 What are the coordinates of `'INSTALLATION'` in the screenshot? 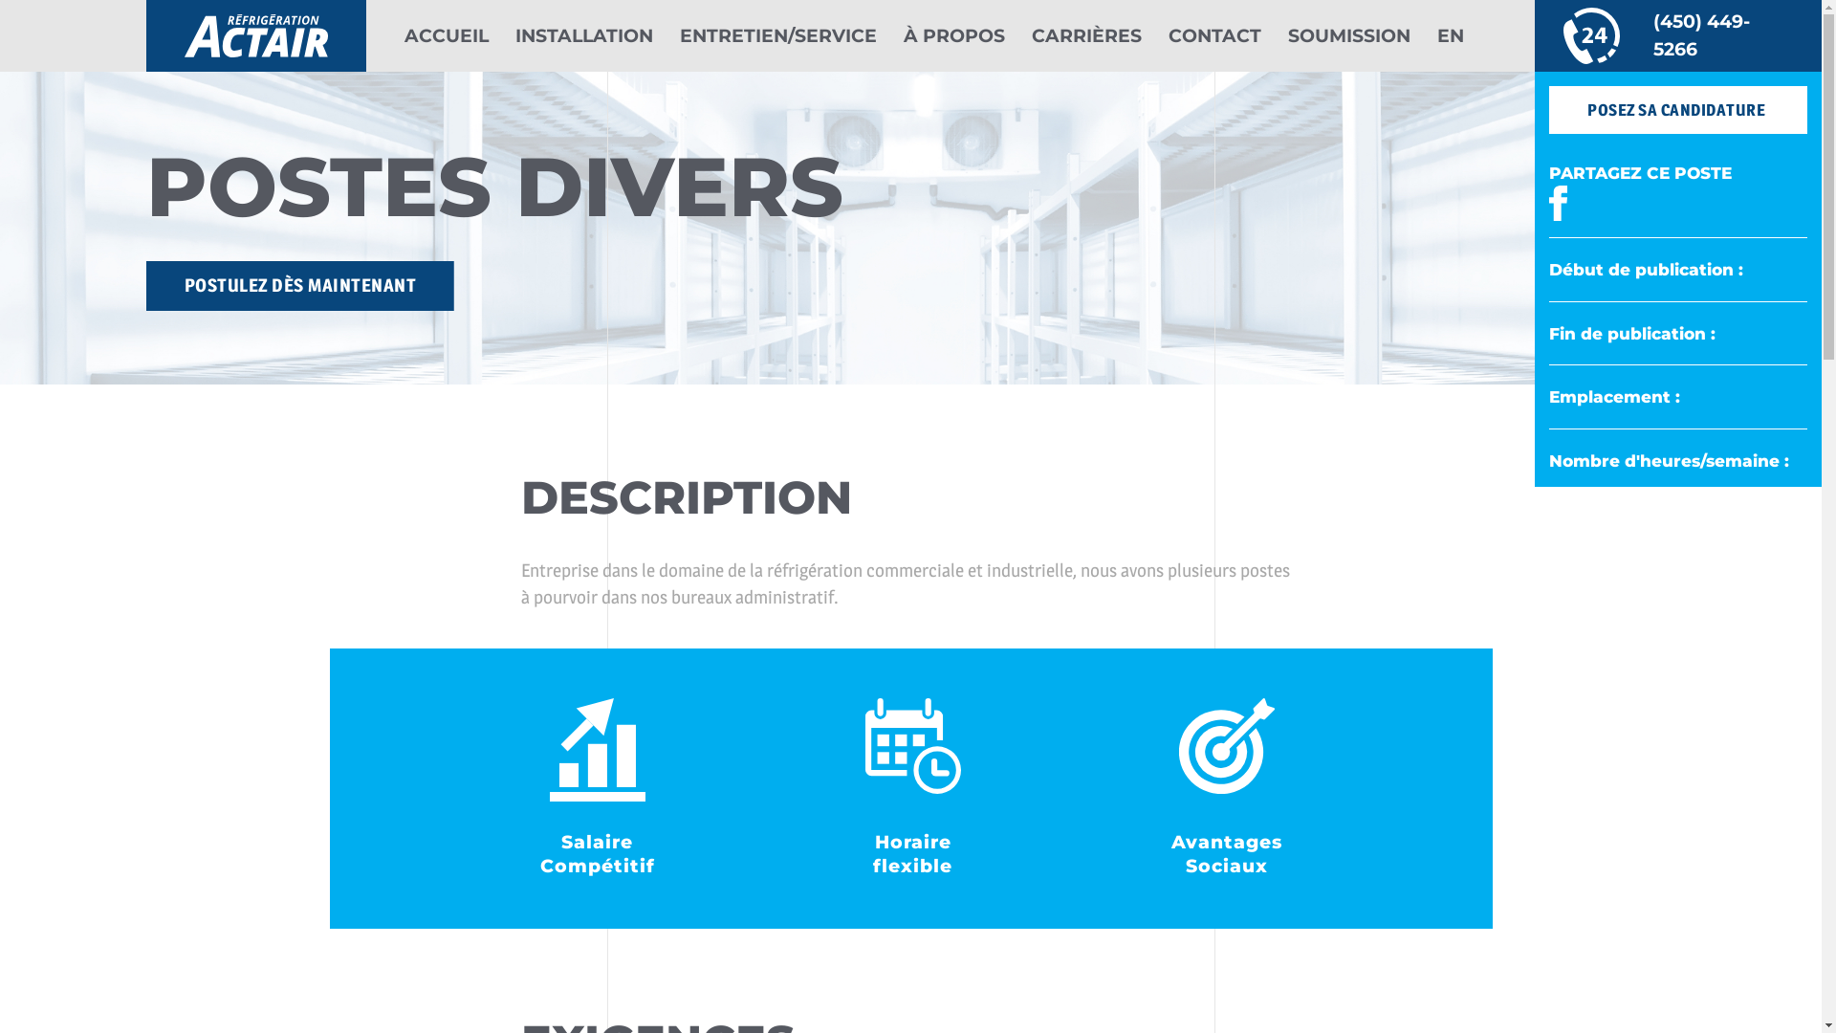 It's located at (514, 35).